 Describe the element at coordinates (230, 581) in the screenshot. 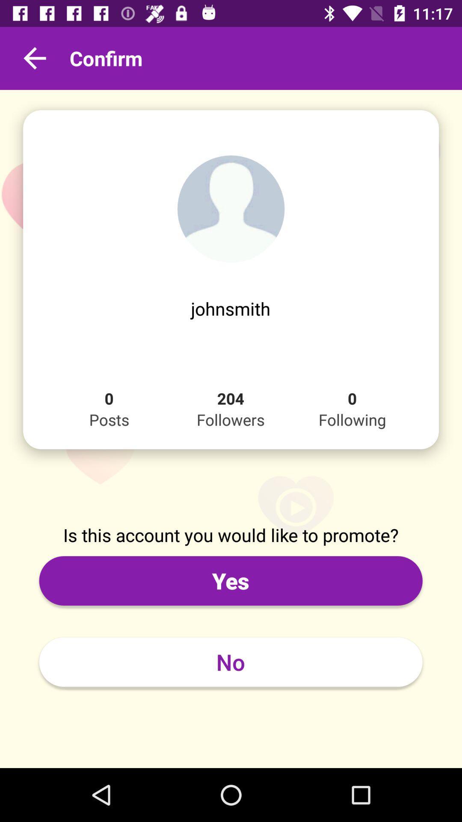

I see `the yes icon` at that location.